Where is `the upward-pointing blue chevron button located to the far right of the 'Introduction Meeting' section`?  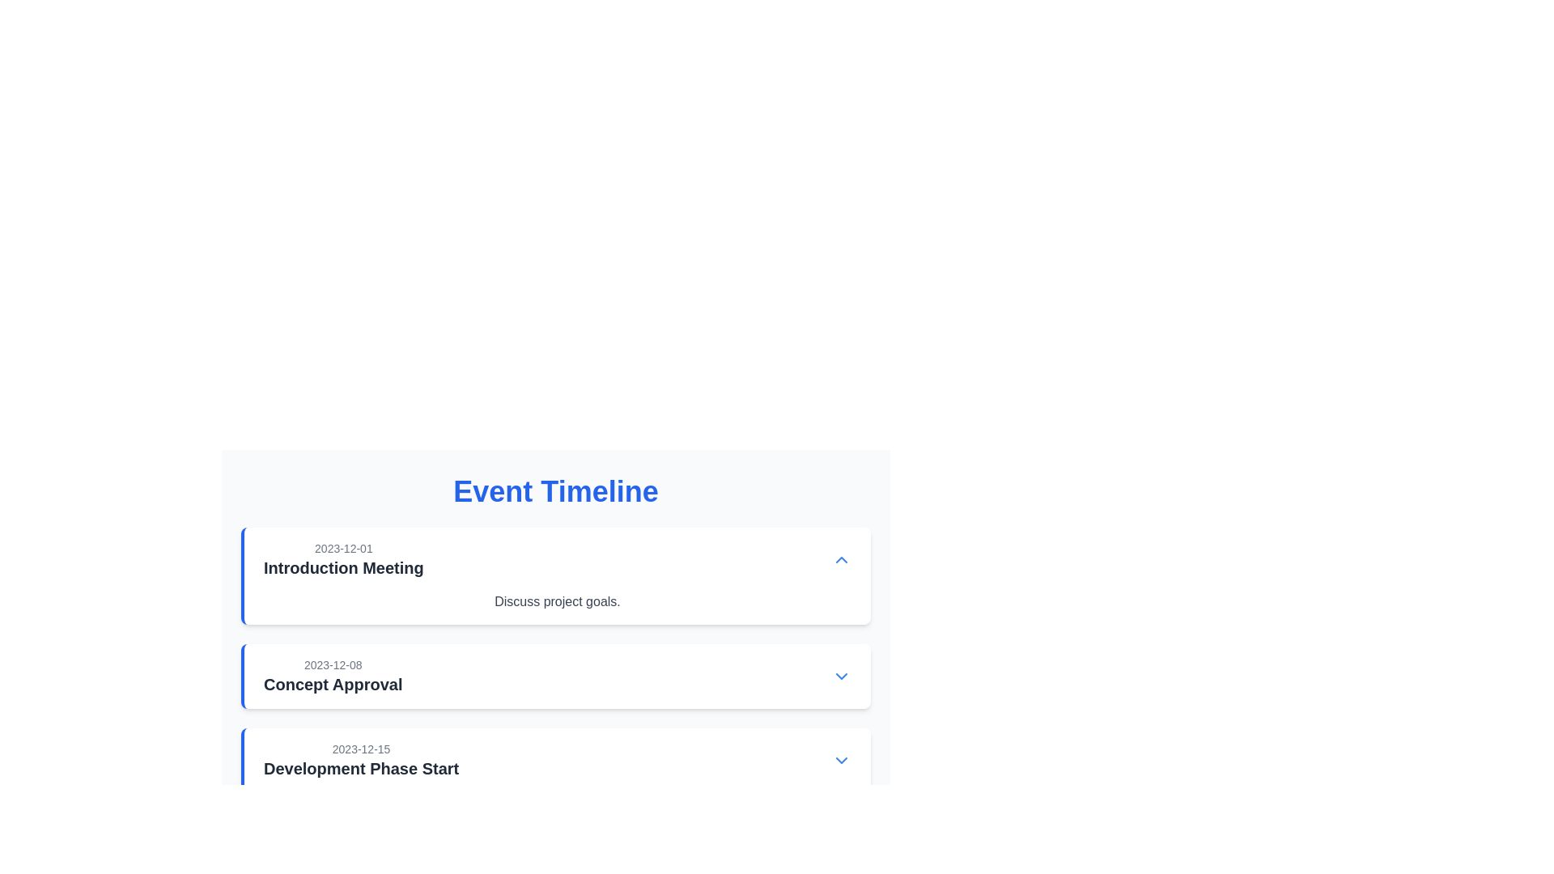
the upward-pointing blue chevron button located to the far right of the 'Introduction Meeting' section is located at coordinates (842, 558).